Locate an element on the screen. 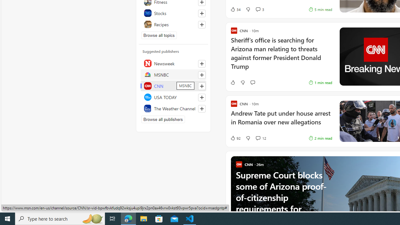  'USA TODAY' is located at coordinates (173, 97).